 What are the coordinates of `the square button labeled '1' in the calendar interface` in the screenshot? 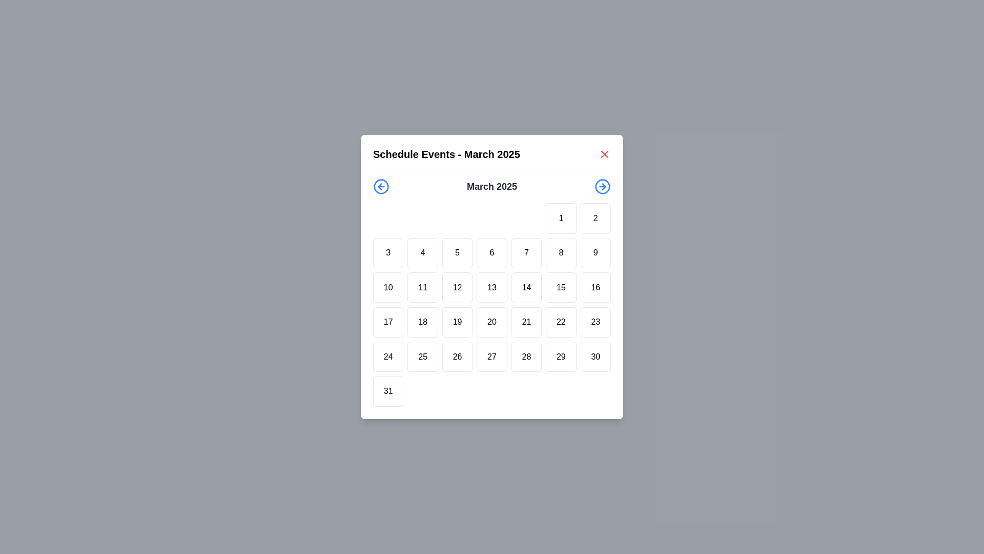 It's located at (560, 217).